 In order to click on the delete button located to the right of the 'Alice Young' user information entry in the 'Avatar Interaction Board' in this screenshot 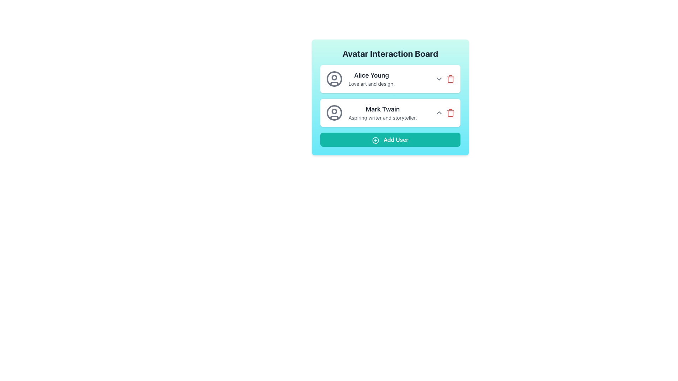, I will do `click(450, 79)`.